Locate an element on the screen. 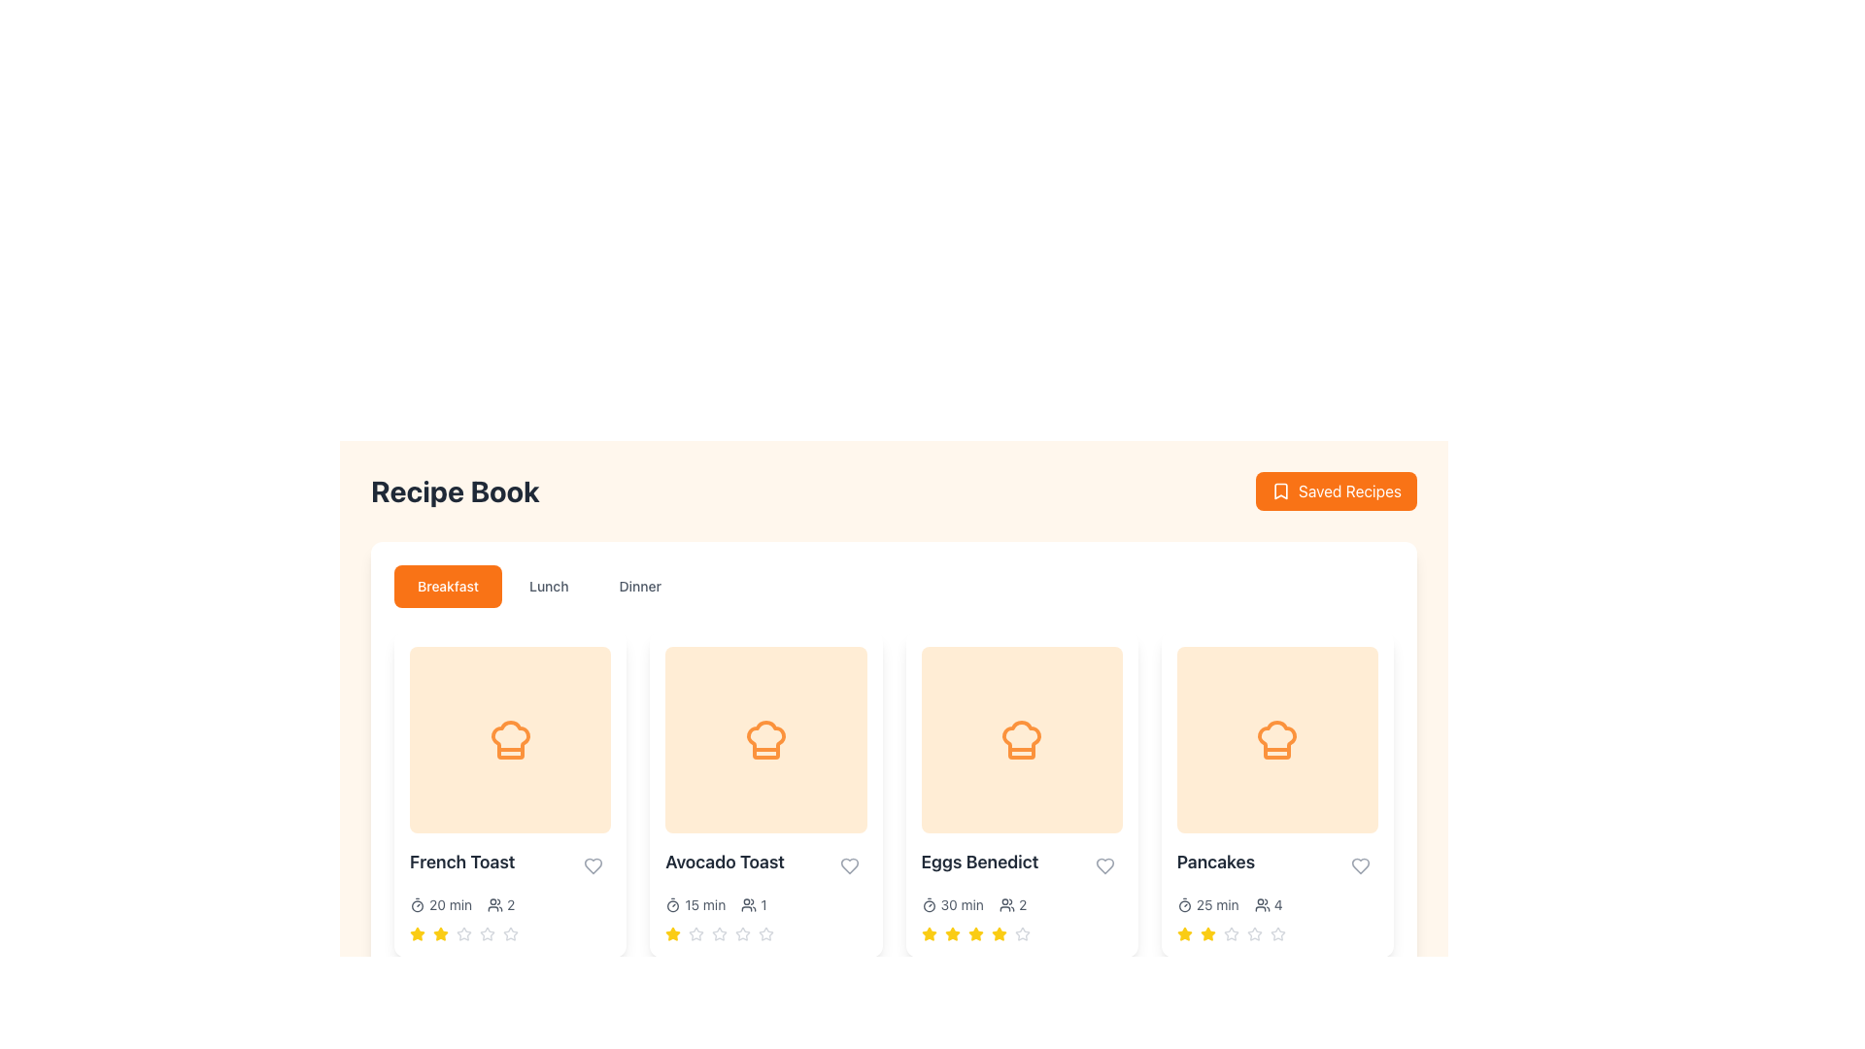 The image size is (1865, 1049). the timer icon located at the top-left of the second recipe card from the left is located at coordinates (673, 905).